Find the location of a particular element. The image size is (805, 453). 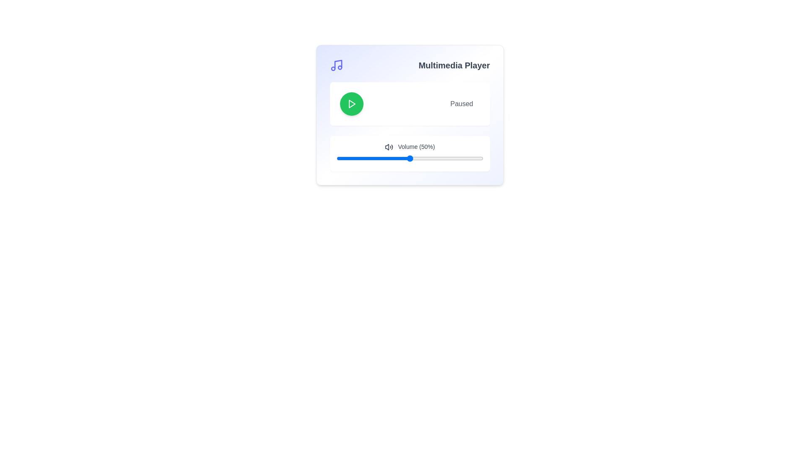

the volume slider is located at coordinates (456, 159).